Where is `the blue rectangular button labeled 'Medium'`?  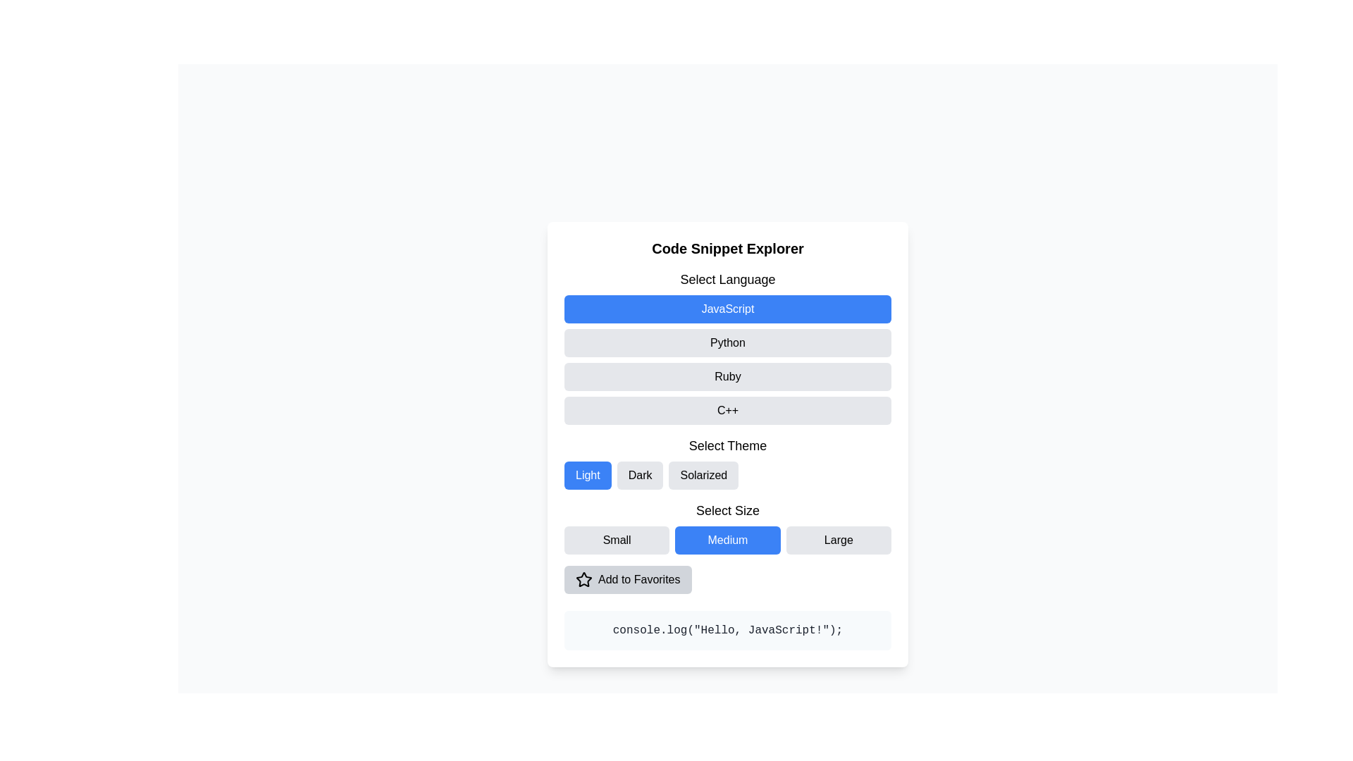
the blue rectangular button labeled 'Medium' is located at coordinates (727, 540).